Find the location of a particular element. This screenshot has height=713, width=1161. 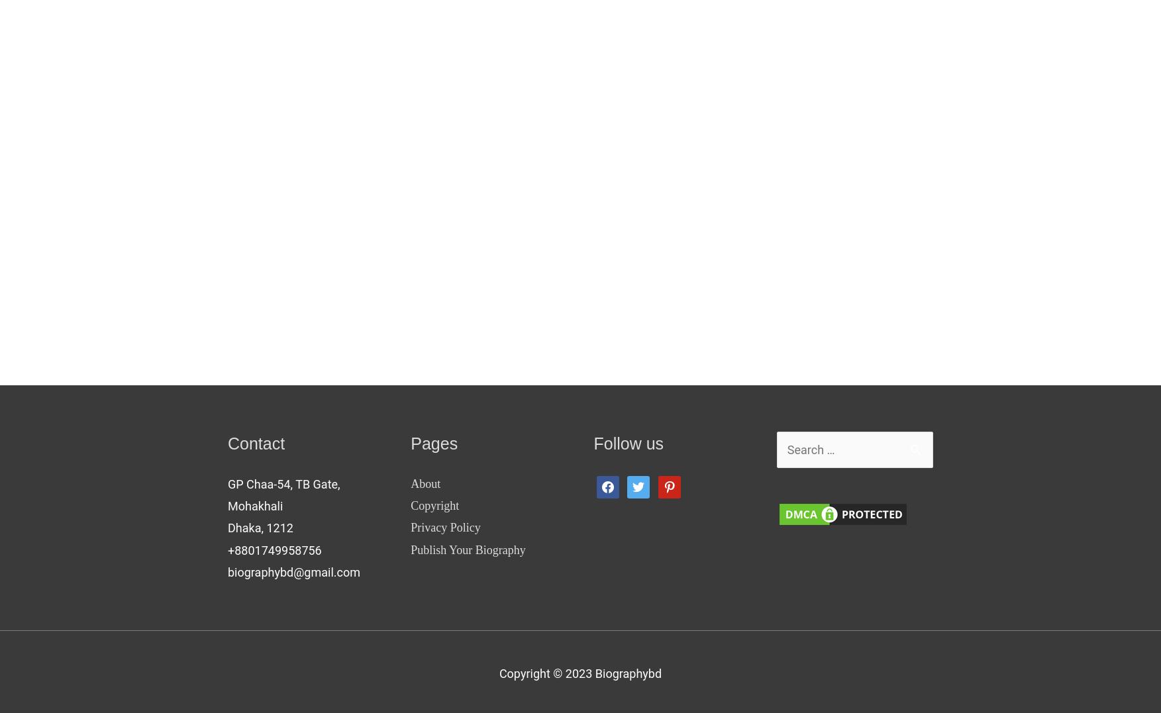

'+8801749958756' is located at coordinates (274, 549).